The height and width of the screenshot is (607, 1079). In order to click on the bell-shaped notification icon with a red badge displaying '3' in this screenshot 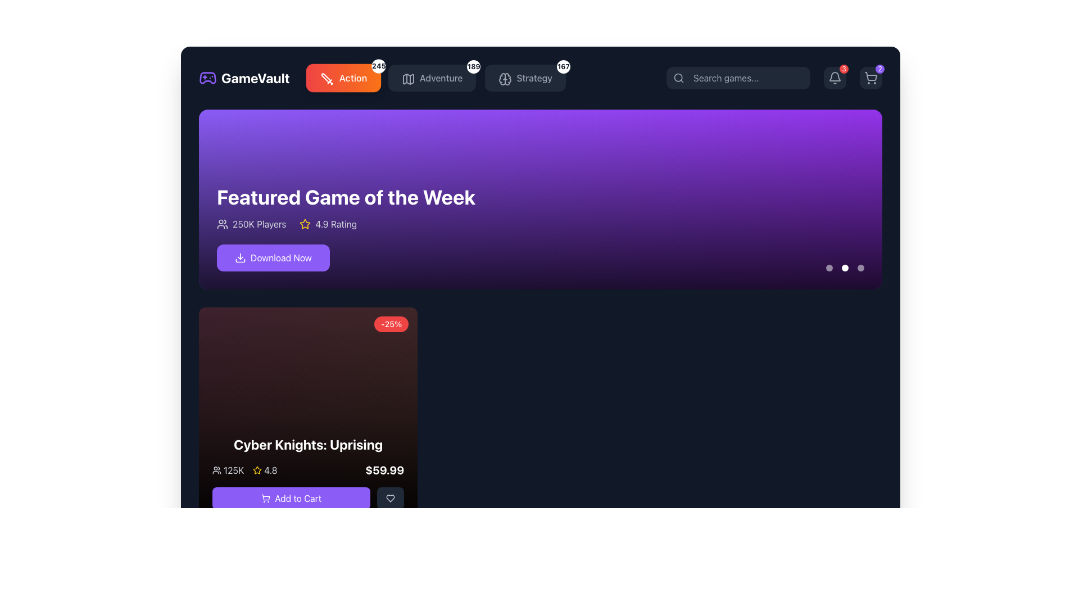, I will do `click(835, 77)`.